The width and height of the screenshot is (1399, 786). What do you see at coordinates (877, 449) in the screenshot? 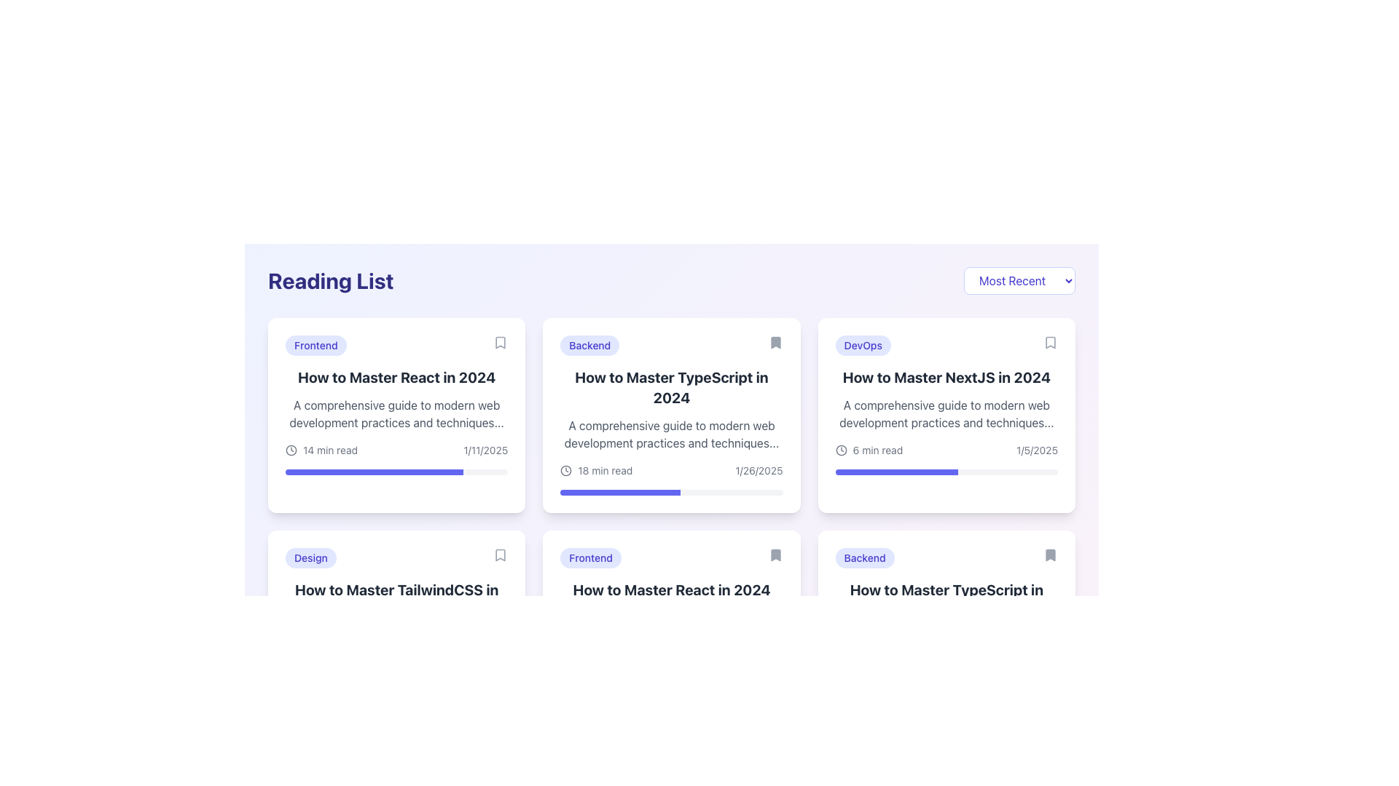
I see `the text label displaying '6 min read' which provides reading time metadata, located in the top-right section of the card titled 'How to Master NextJS in 2024.'` at bounding box center [877, 449].